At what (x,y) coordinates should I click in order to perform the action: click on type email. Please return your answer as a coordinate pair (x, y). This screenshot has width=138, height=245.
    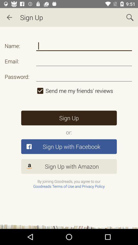
    Looking at the image, I should click on (84, 61).